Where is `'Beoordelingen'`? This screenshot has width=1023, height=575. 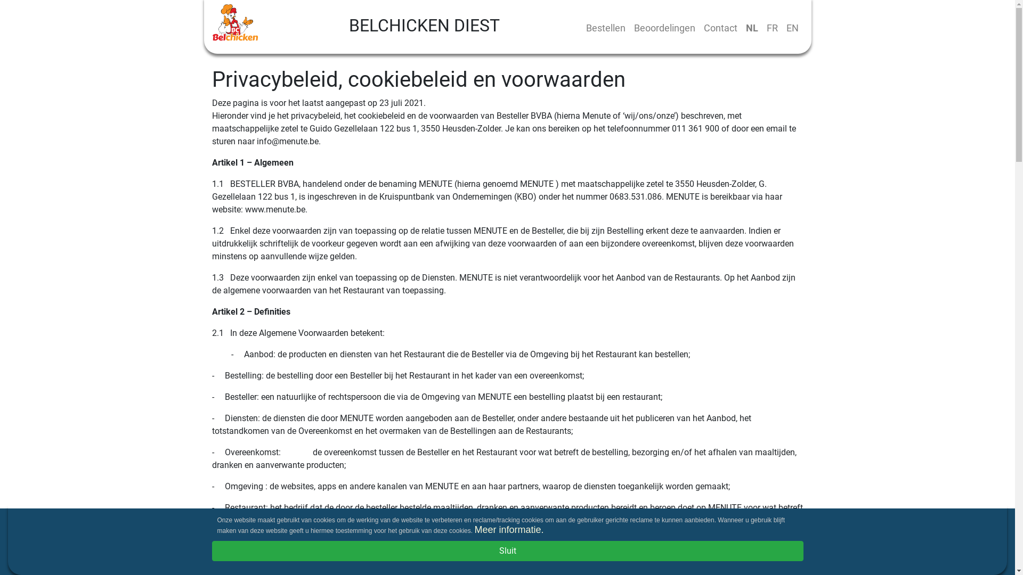 'Beoordelingen' is located at coordinates (629, 27).